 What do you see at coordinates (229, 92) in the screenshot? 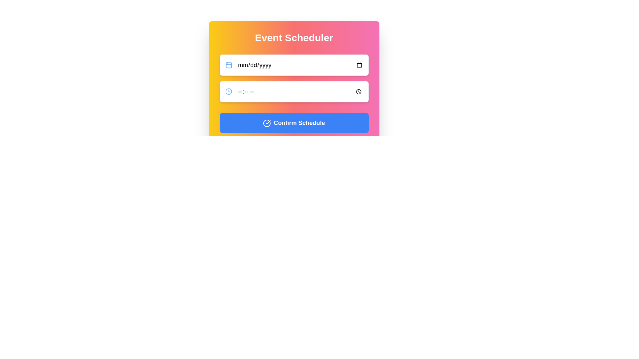
I see `blue clock icon located in the second row under the 'Event Scheduler' heading, to the left of the time input field` at bounding box center [229, 92].